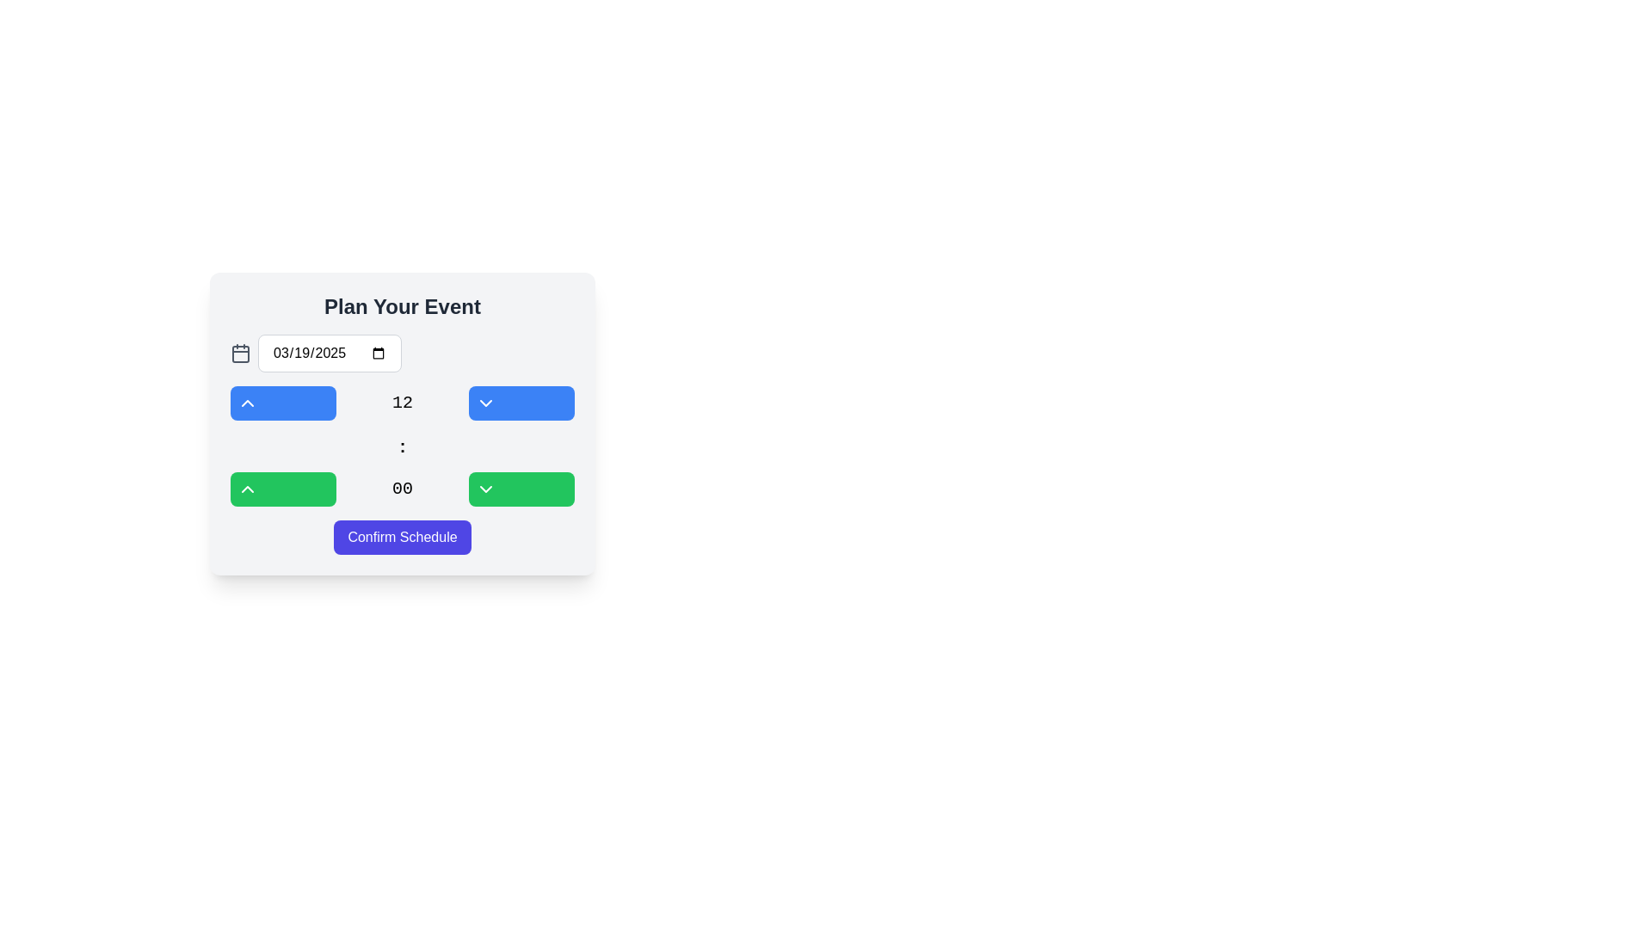 The height and width of the screenshot is (929, 1652). Describe the element at coordinates (485, 489) in the screenshot. I see `the downward-facing chevron icon located inside the green rectangular button at the bottom-right corner of the 'Plan Your Event' dialog` at that location.